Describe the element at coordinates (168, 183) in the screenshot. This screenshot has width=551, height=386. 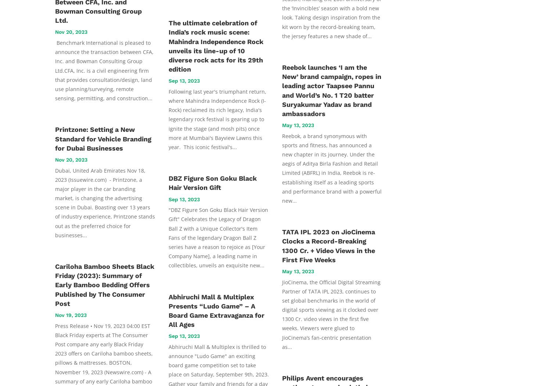
I see `'DBZ Figure Son Goku Black Hair Version Gift'` at that location.